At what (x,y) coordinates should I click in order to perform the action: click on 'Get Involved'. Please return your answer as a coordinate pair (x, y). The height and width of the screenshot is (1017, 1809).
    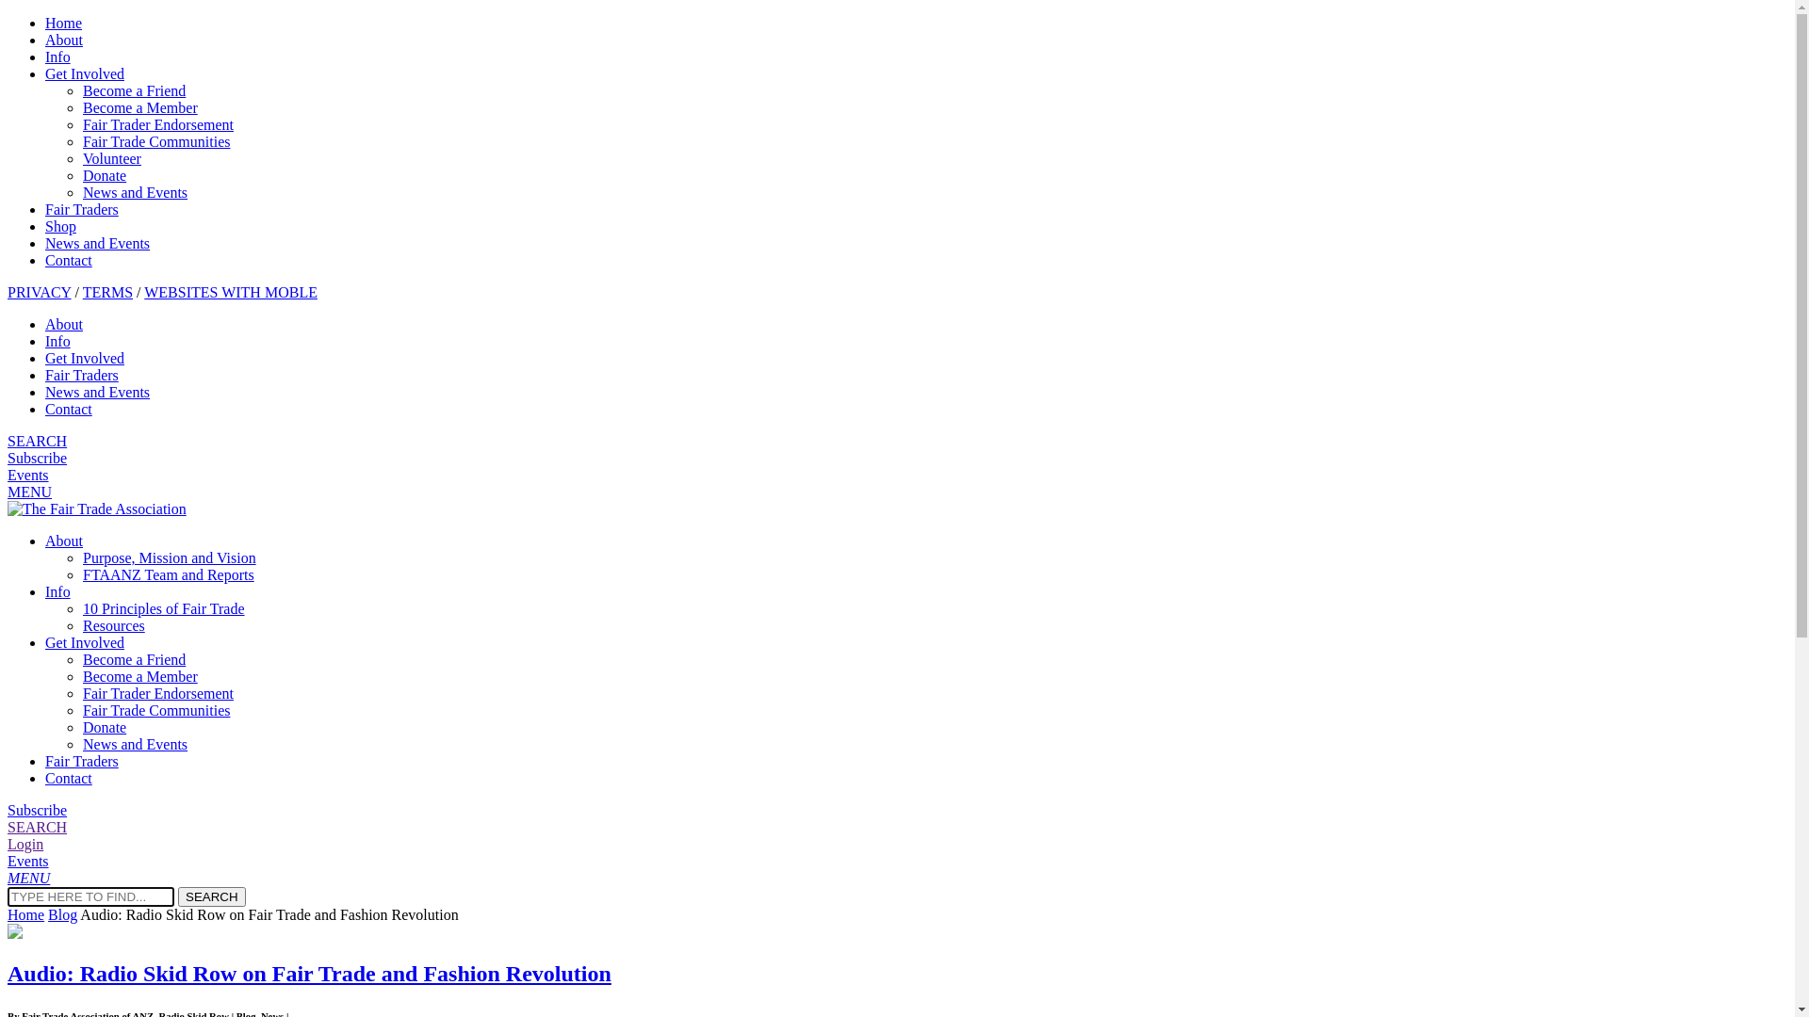
    Looking at the image, I should click on (84, 358).